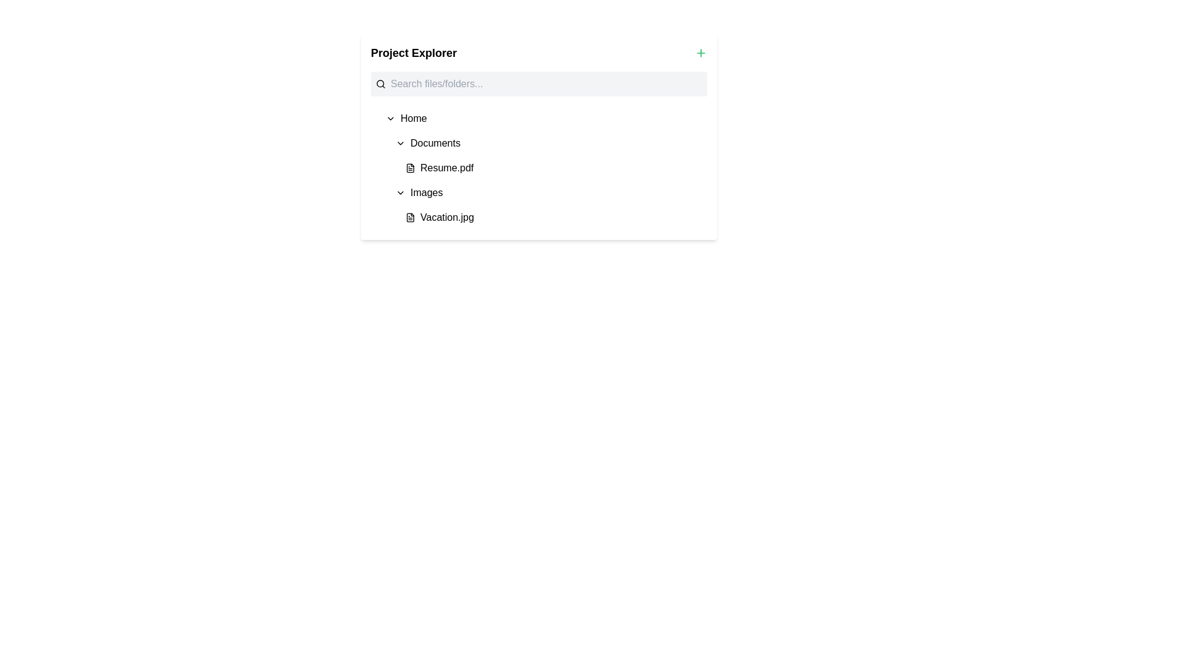 This screenshot has width=1187, height=668. Describe the element at coordinates (543, 119) in the screenshot. I see `the 'Home' navigational item` at that location.